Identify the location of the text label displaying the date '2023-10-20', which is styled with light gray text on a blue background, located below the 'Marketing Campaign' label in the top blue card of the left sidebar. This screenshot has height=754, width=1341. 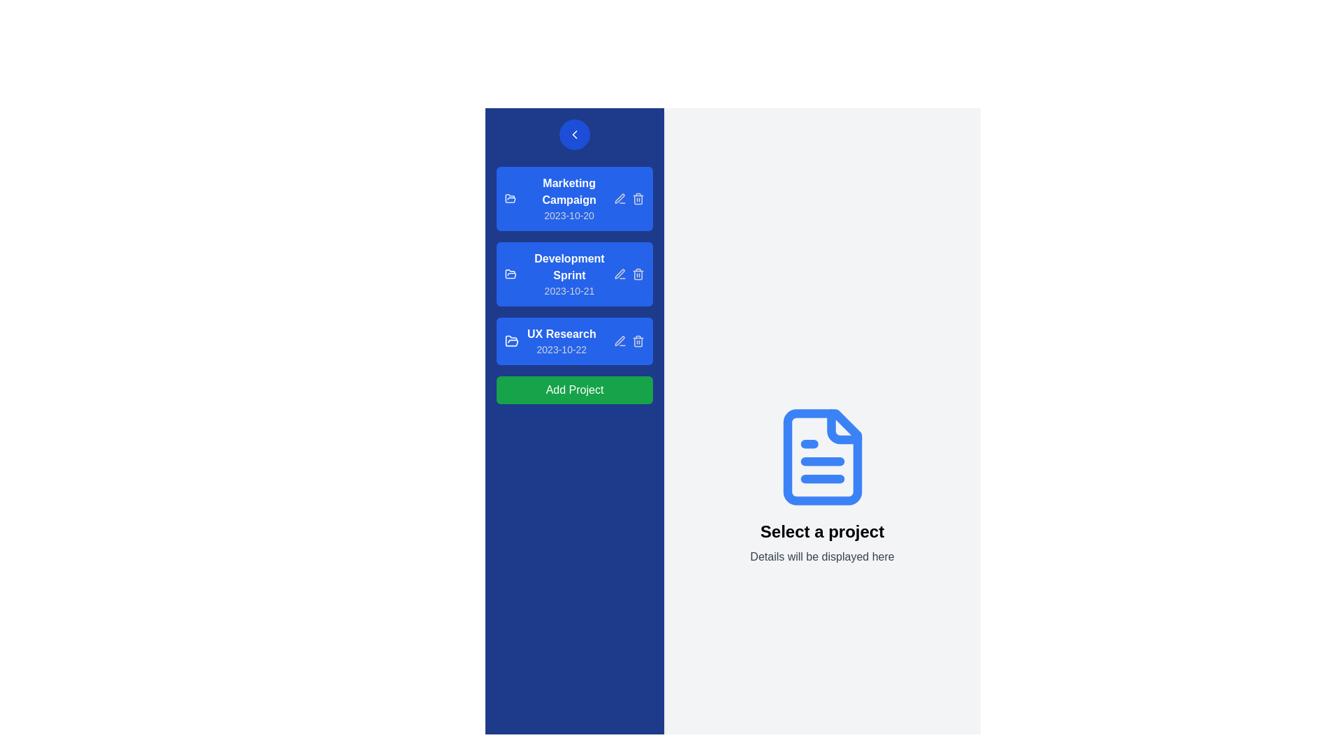
(569, 215).